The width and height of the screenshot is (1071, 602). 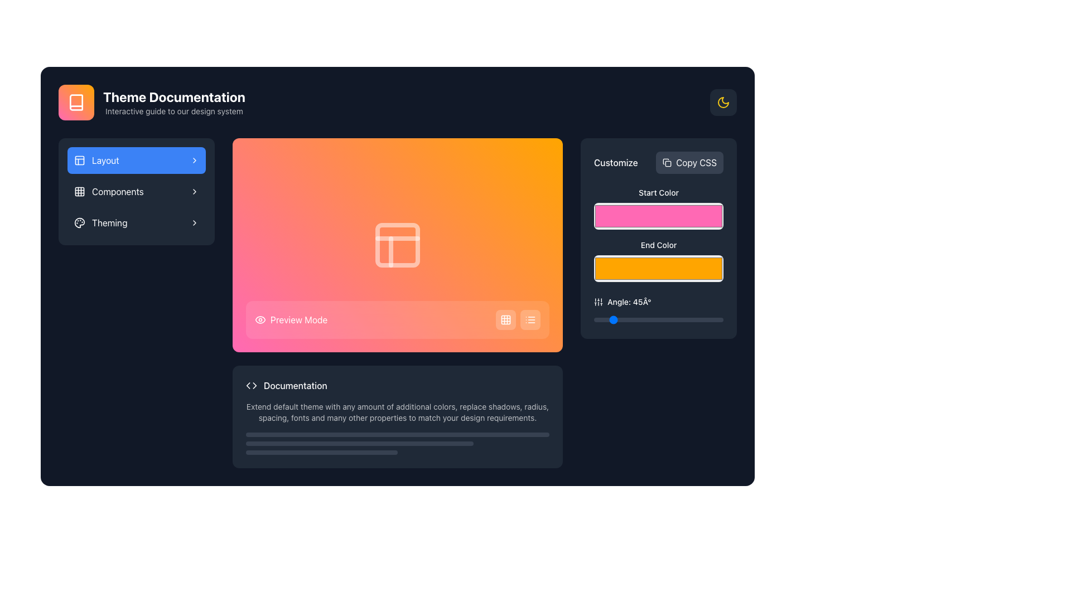 What do you see at coordinates (136, 223) in the screenshot?
I see `the navigation button` at bounding box center [136, 223].